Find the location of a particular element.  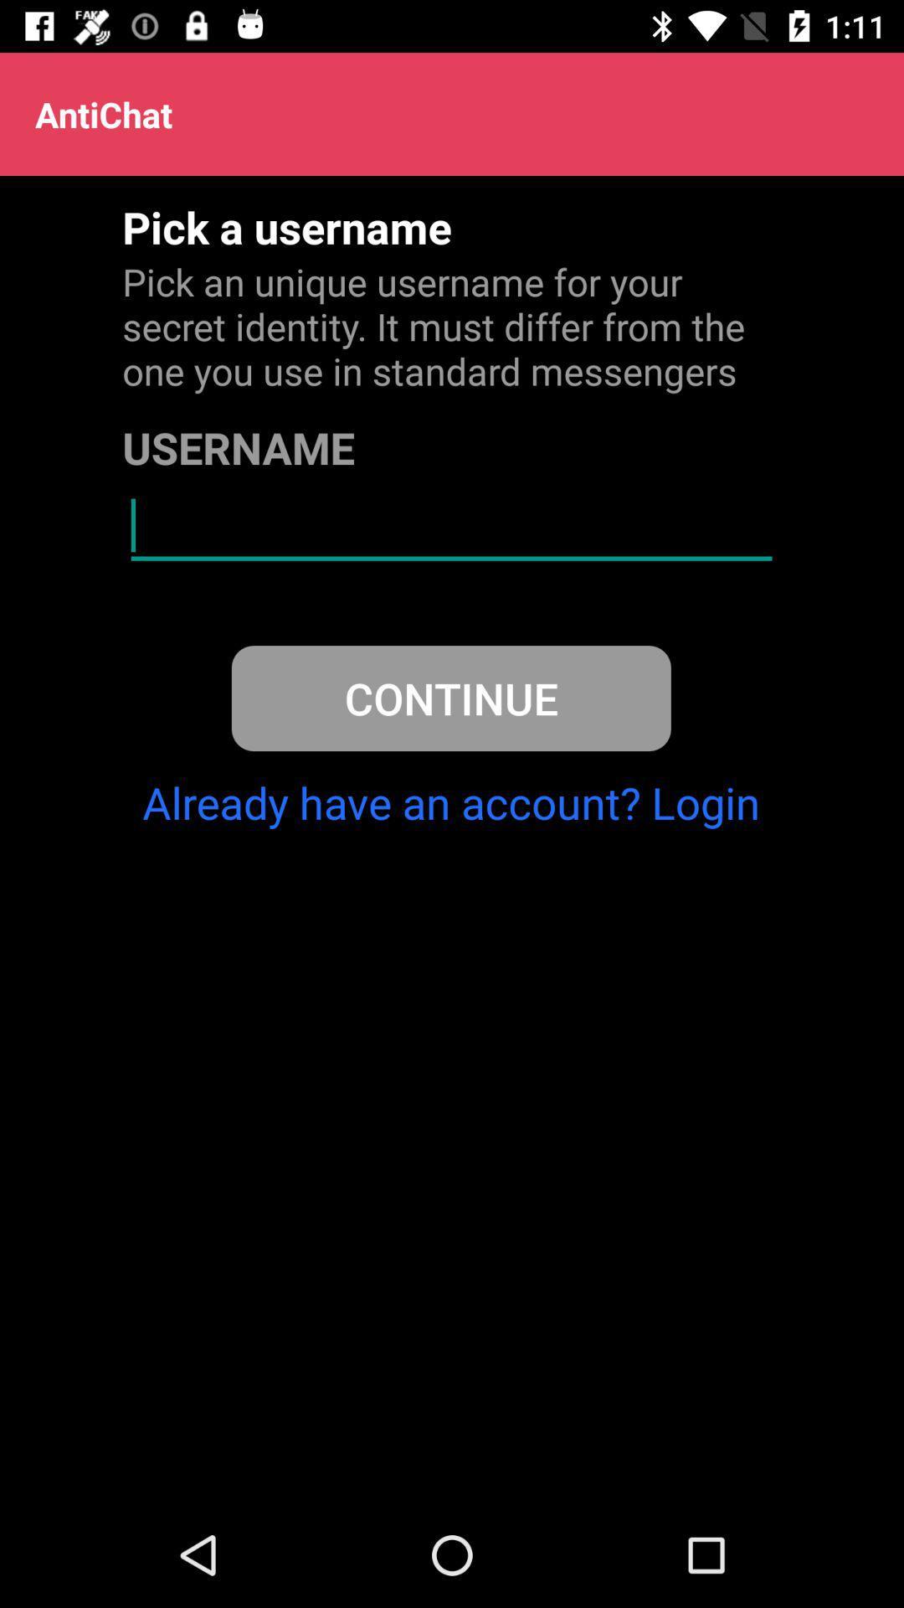

already have an icon is located at coordinates (450, 801).